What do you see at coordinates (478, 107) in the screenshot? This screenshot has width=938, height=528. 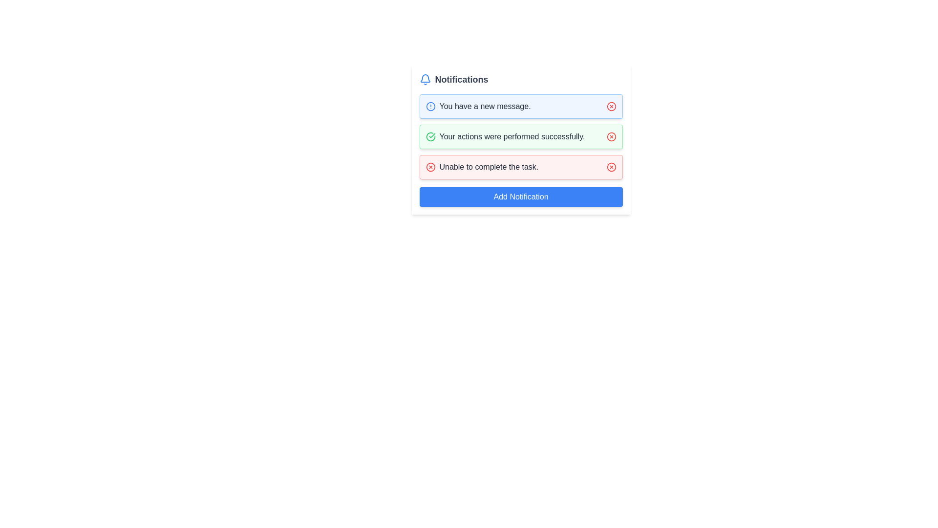 I see `the TextLabel that indicates the presence of a new message, located at the top of the notification box` at bounding box center [478, 107].